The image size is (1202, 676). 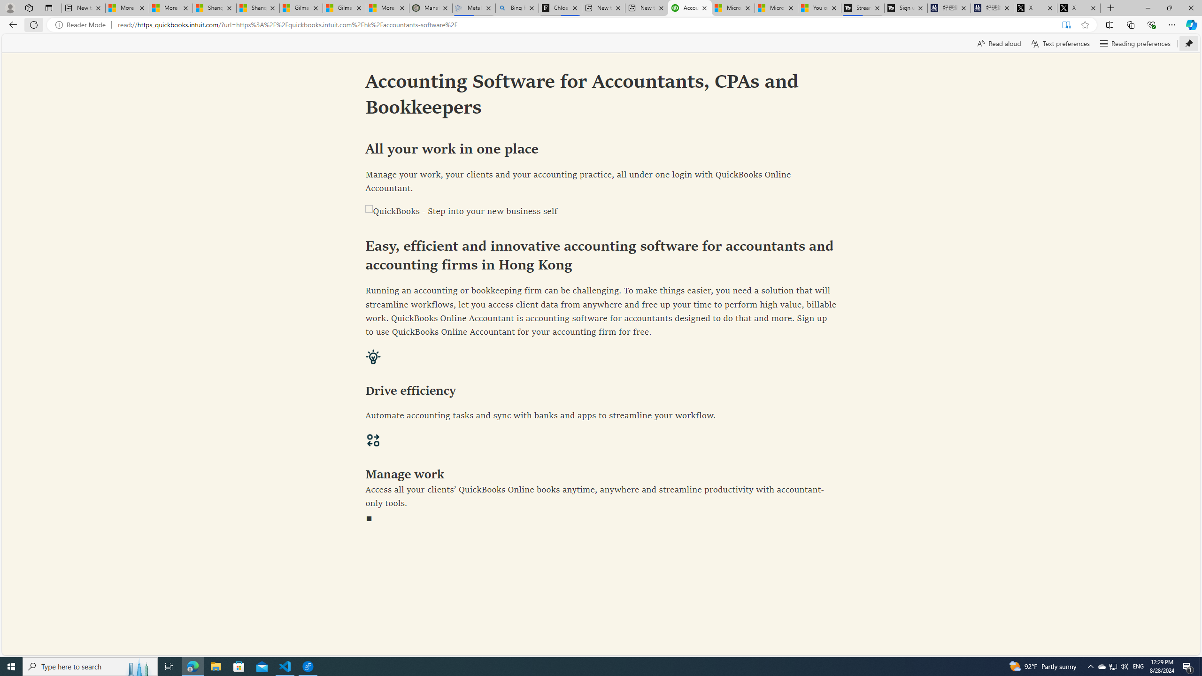 I want to click on 'Text preferences', so click(x=1060, y=43).